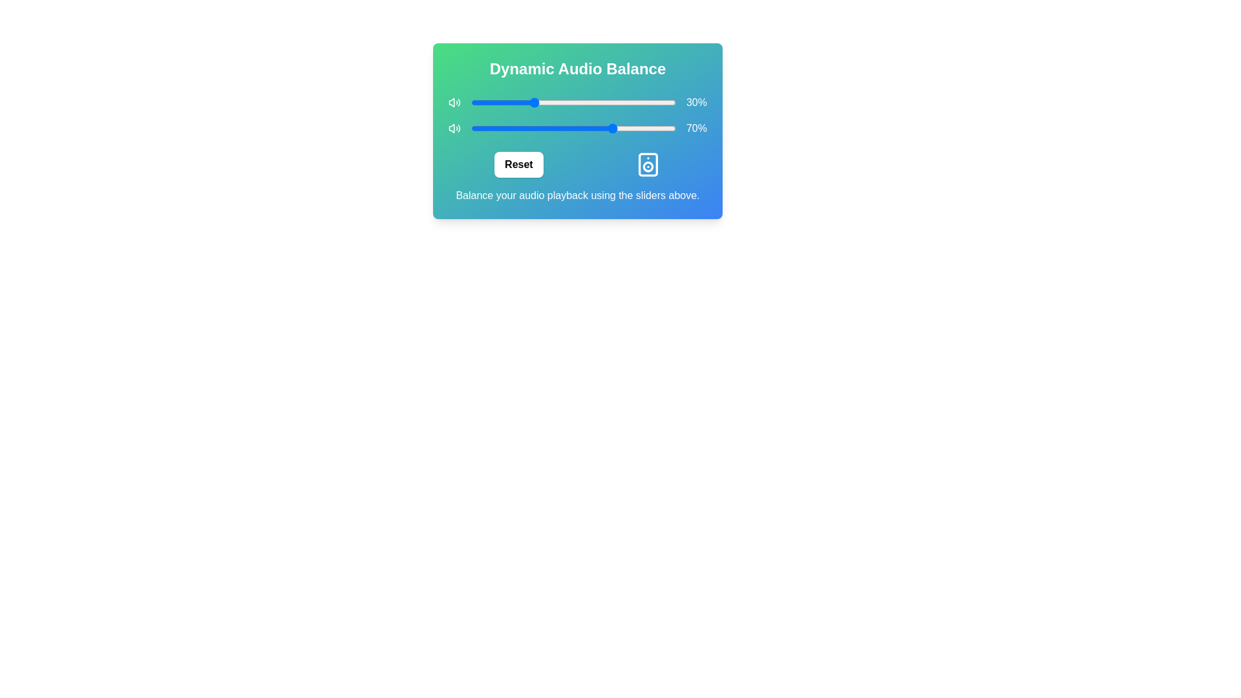 This screenshot has height=698, width=1241. Describe the element at coordinates (507, 101) in the screenshot. I see `the slider` at that location.